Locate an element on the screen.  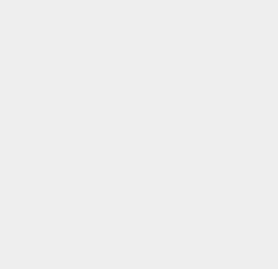
'WiFi Hotspots' is located at coordinates (207, 158).